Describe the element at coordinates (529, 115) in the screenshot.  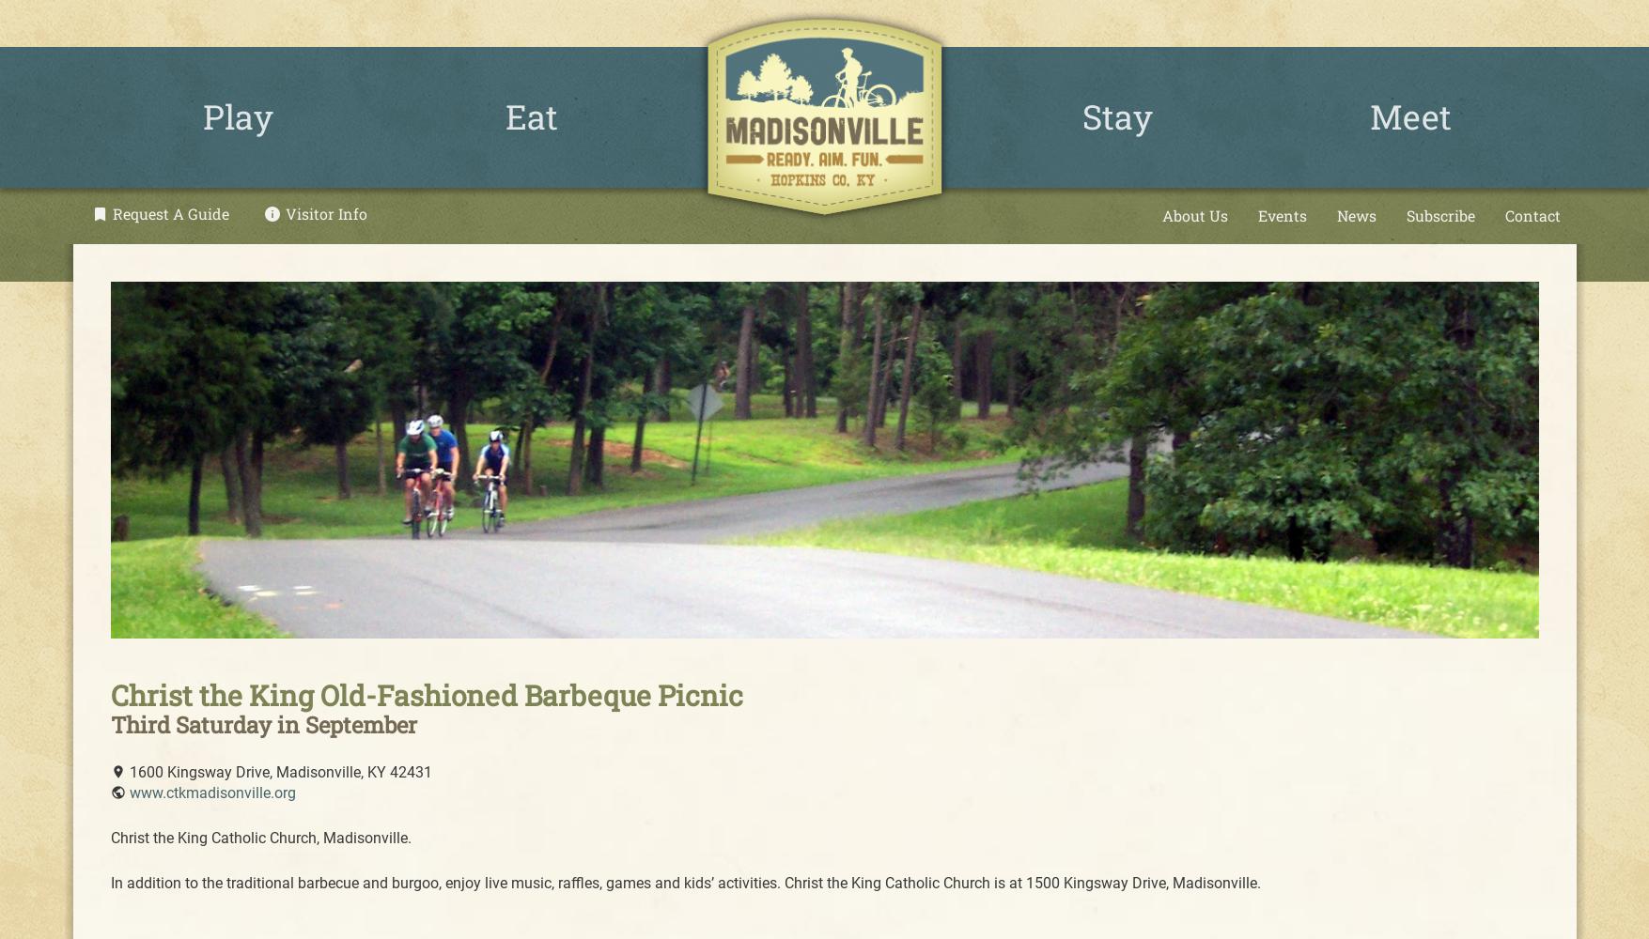
I see `'Eat'` at that location.